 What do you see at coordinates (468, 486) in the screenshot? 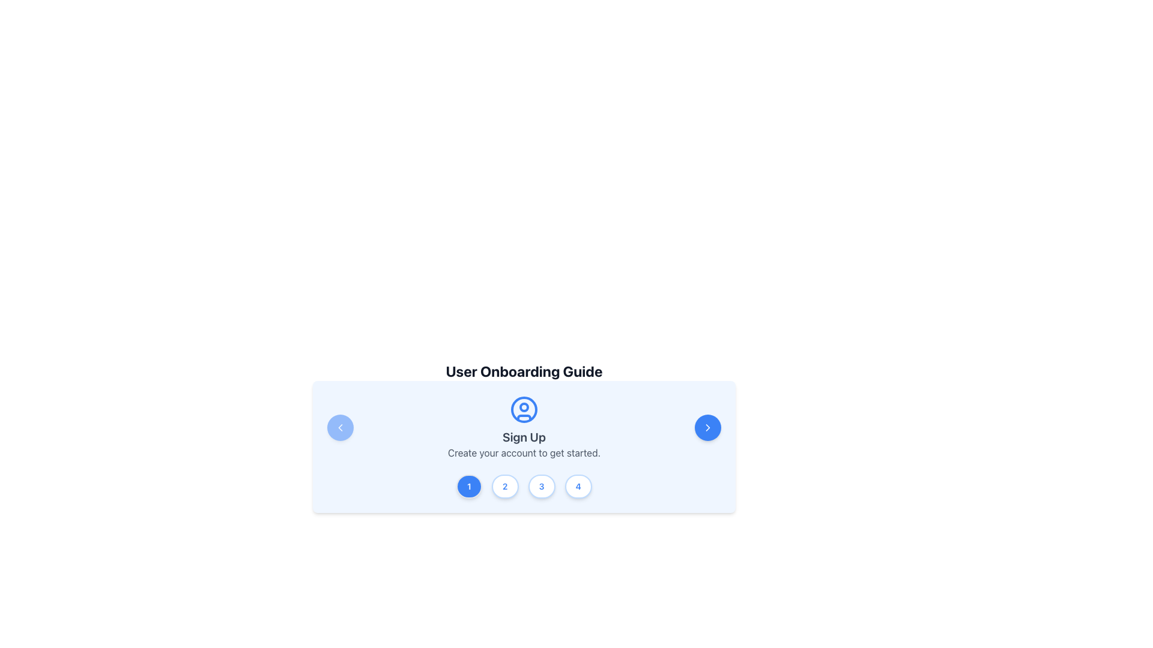
I see `the circular button labeled '1' with white text on a blue background` at bounding box center [468, 486].